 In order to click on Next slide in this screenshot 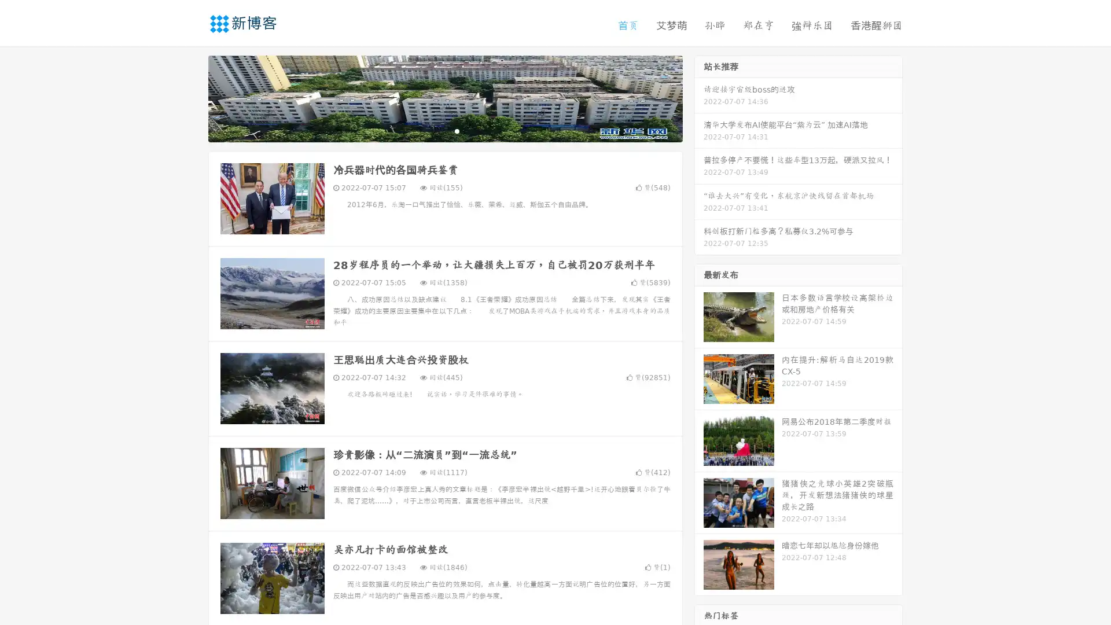, I will do `click(699, 97)`.